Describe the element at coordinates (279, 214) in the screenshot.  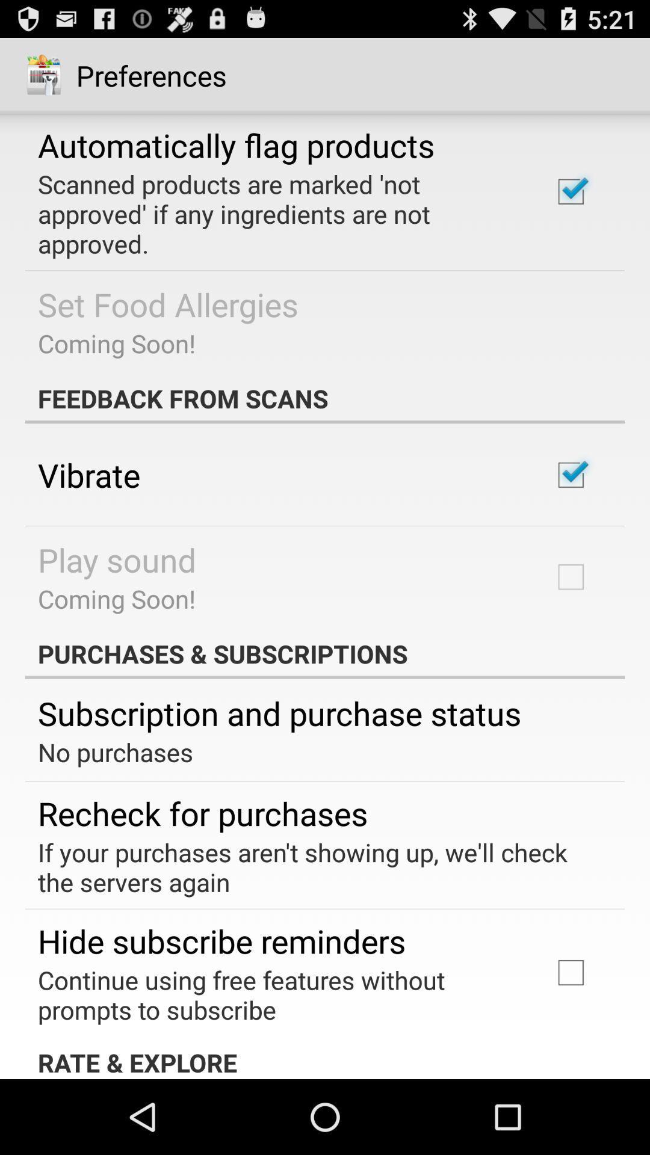
I see `app above set food allergies item` at that location.